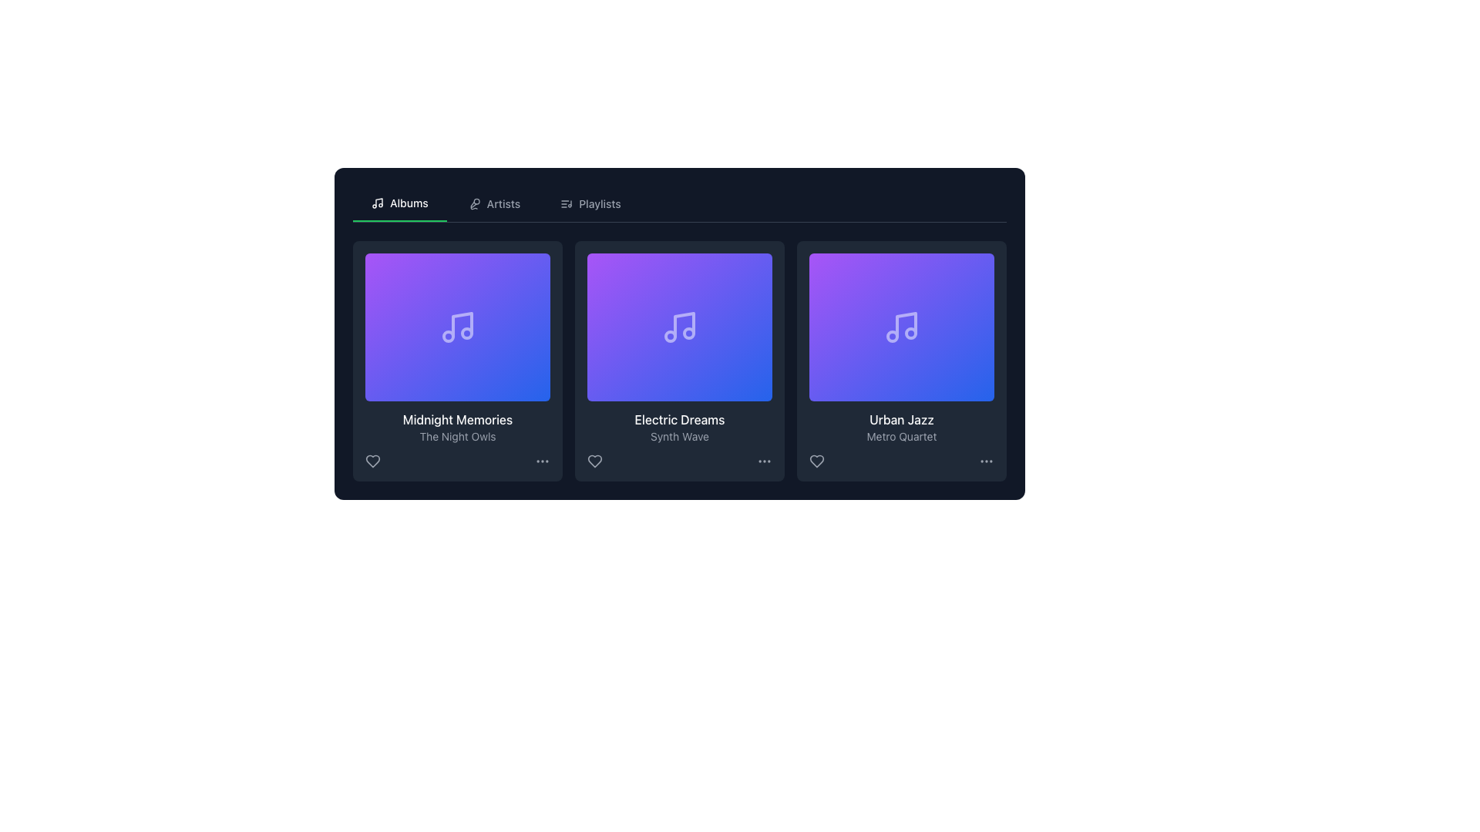 This screenshot has height=832, width=1480. What do you see at coordinates (494, 203) in the screenshot?
I see `the 'Artists' navigation link, which is a horizontal text-based item styled in gray and changes to white on hover, located between 'Albums' and 'Playlists' in the navigation bar` at bounding box center [494, 203].